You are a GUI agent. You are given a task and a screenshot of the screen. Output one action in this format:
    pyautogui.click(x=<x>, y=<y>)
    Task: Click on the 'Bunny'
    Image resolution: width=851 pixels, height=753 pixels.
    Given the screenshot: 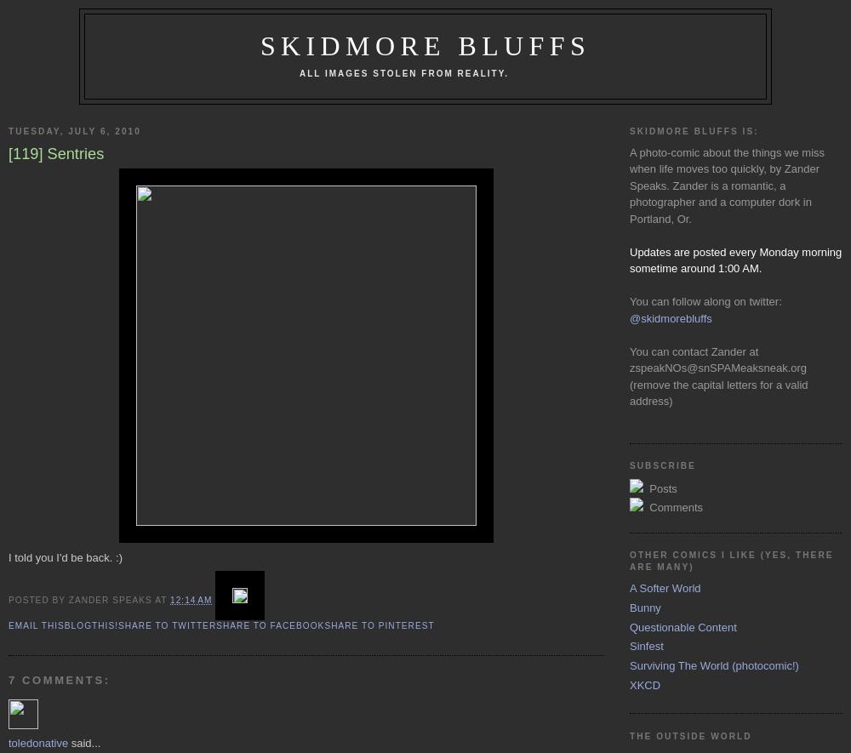 What is the action you would take?
    pyautogui.click(x=645, y=606)
    